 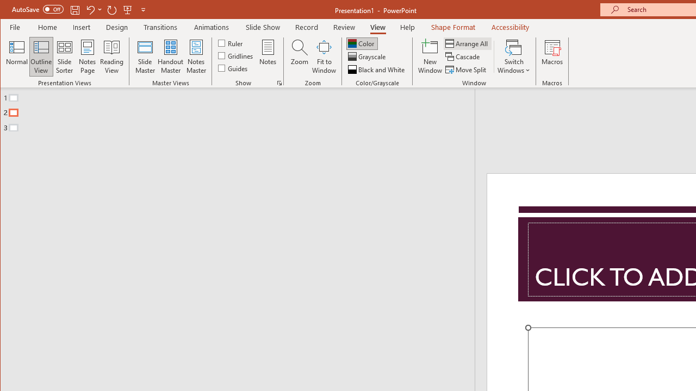 What do you see at coordinates (144, 56) in the screenshot?
I see `'Slide Master'` at bounding box center [144, 56].